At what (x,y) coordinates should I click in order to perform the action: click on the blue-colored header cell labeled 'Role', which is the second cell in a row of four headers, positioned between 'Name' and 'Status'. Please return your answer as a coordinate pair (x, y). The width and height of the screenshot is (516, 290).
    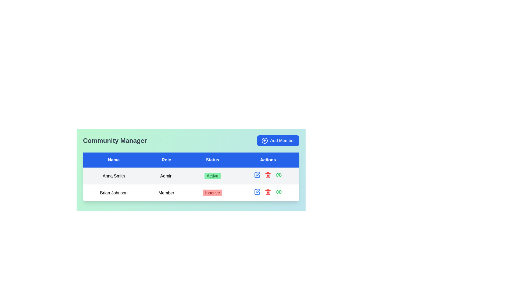
    Looking at the image, I should click on (166, 160).